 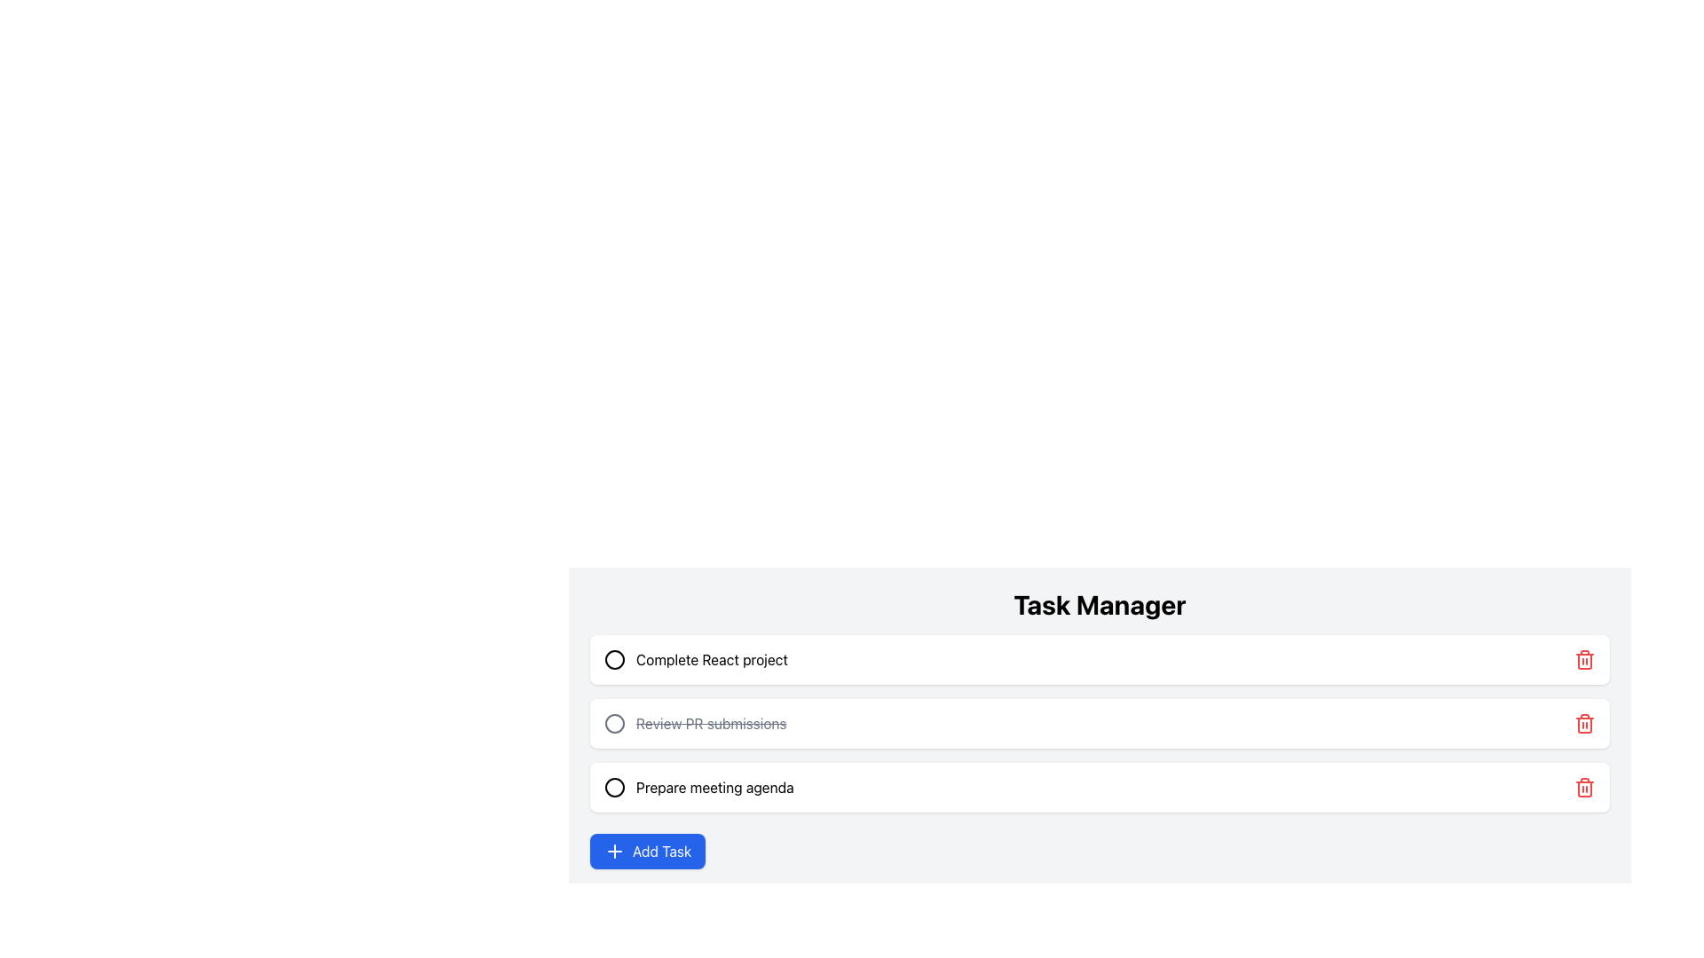 I want to click on the 'Add Task' button, which is a rectangular button with a blue background and white text, located at the bottom left of the Task Manager interface, so click(x=647, y=851).